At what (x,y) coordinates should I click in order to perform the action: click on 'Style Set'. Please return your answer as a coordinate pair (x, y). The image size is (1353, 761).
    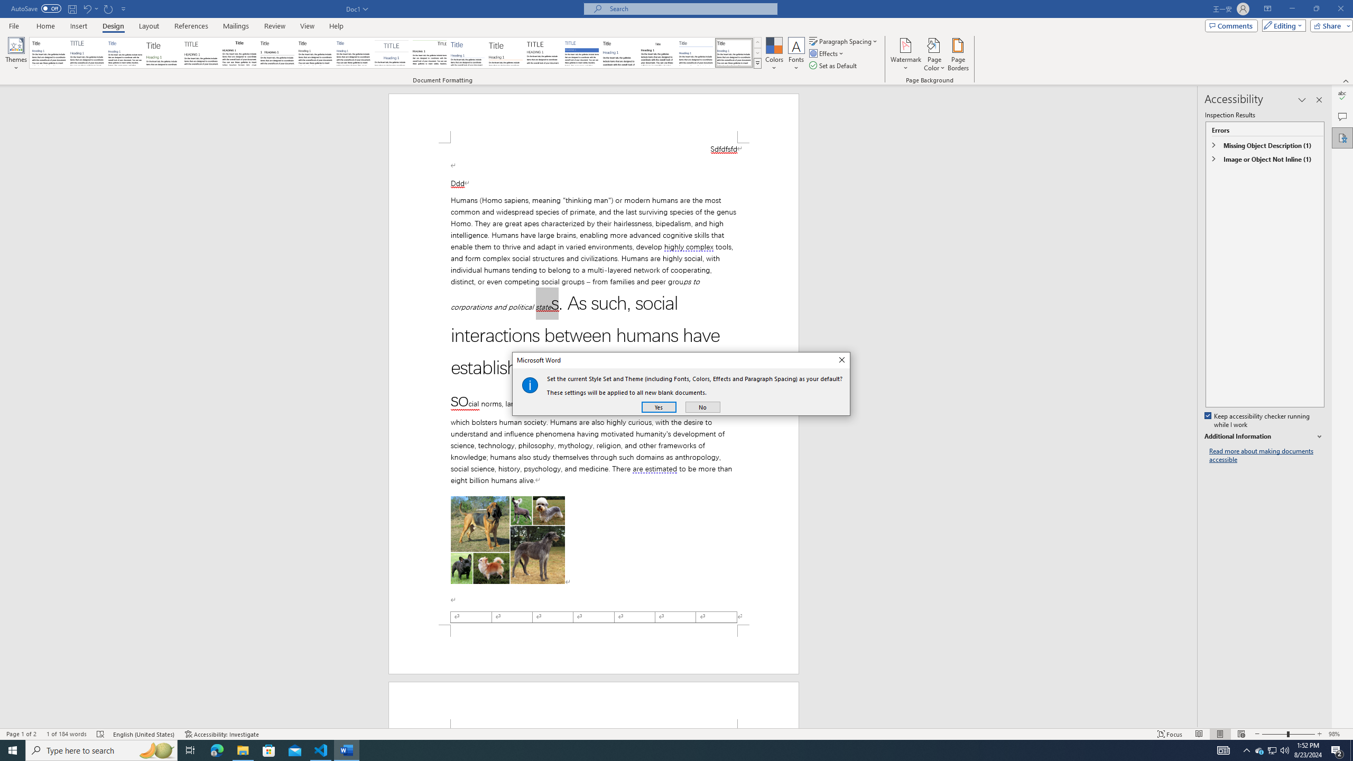
    Looking at the image, I should click on (757, 62).